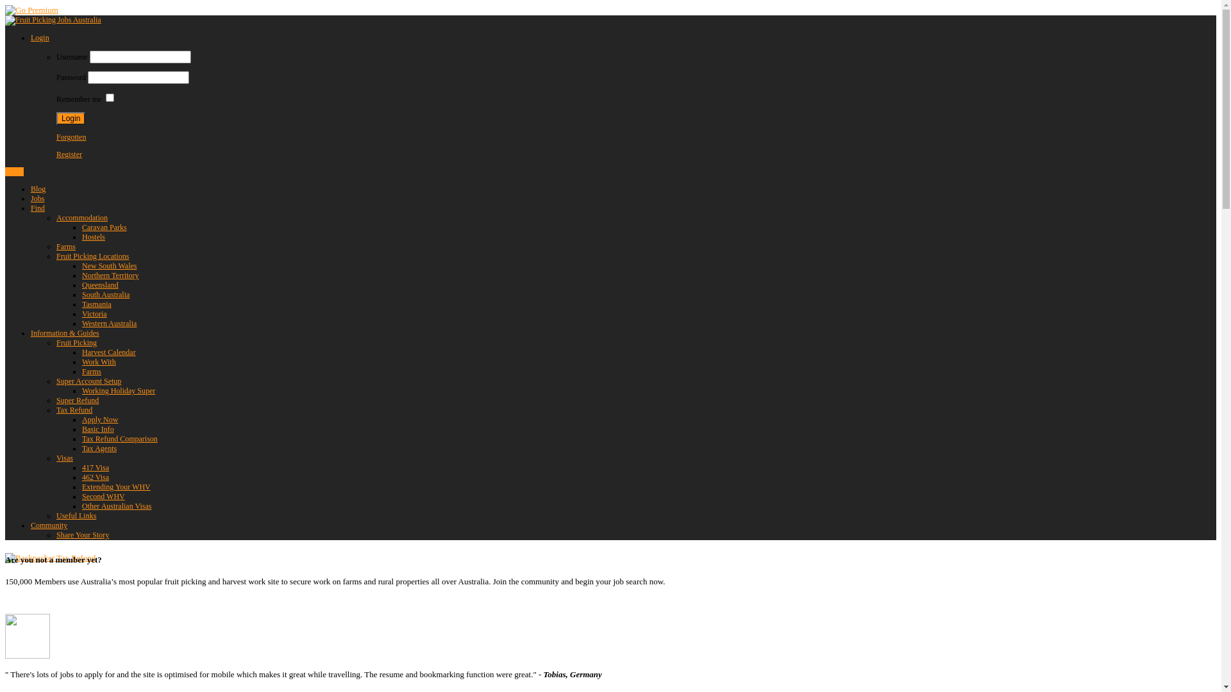 Image resolution: width=1231 pixels, height=692 pixels. Describe the element at coordinates (94, 477) in the screenshot. I see `'462 Visa'` at that location.